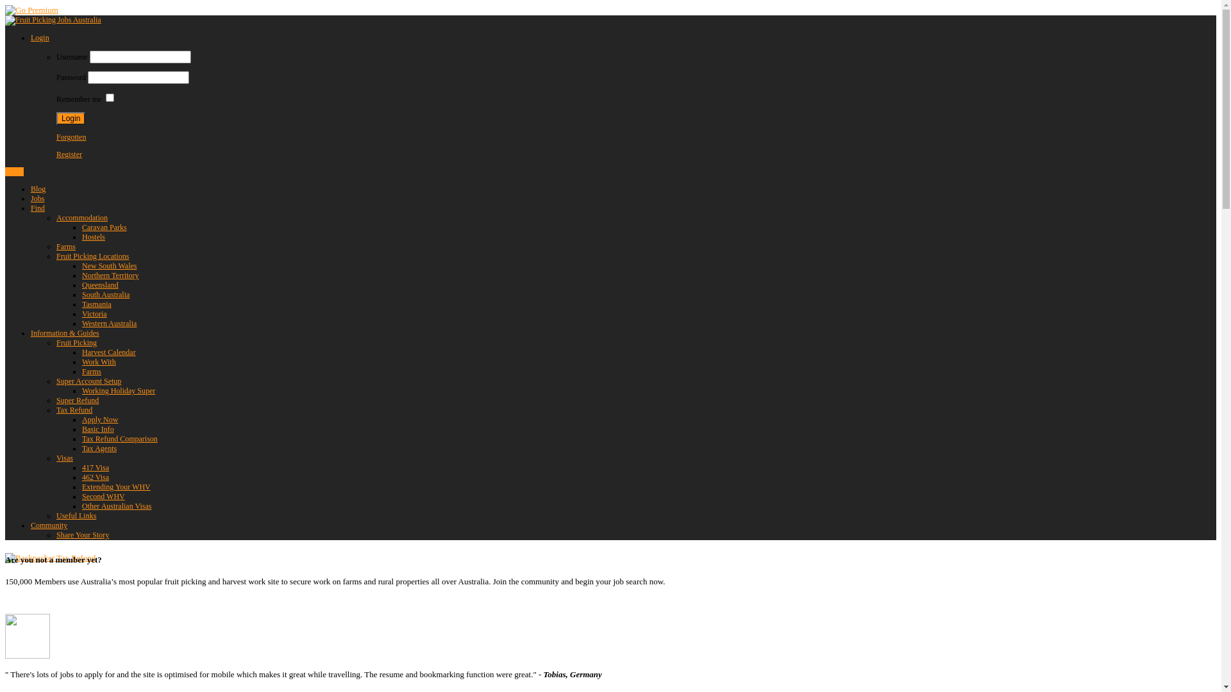 Image resolution: width=1231 pixels, height=692 pixels. Describe the element at coordinates (94, 477) in the screenshot. I see `'462 Visa'` at that location.